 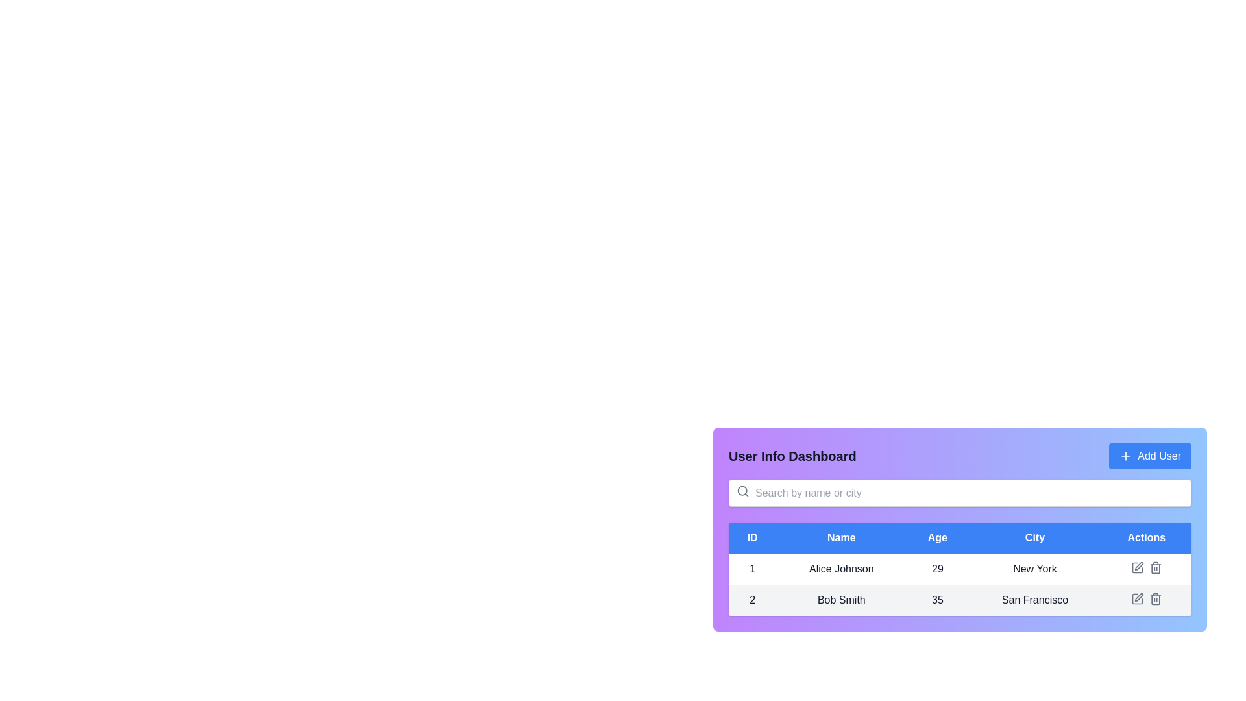 I want to click on the trash bin icon, which is a minimalist styled button located in the 'Actions' column of the first row of the user data table, adjacent to the edit icon, so click(x=1155, y=567).